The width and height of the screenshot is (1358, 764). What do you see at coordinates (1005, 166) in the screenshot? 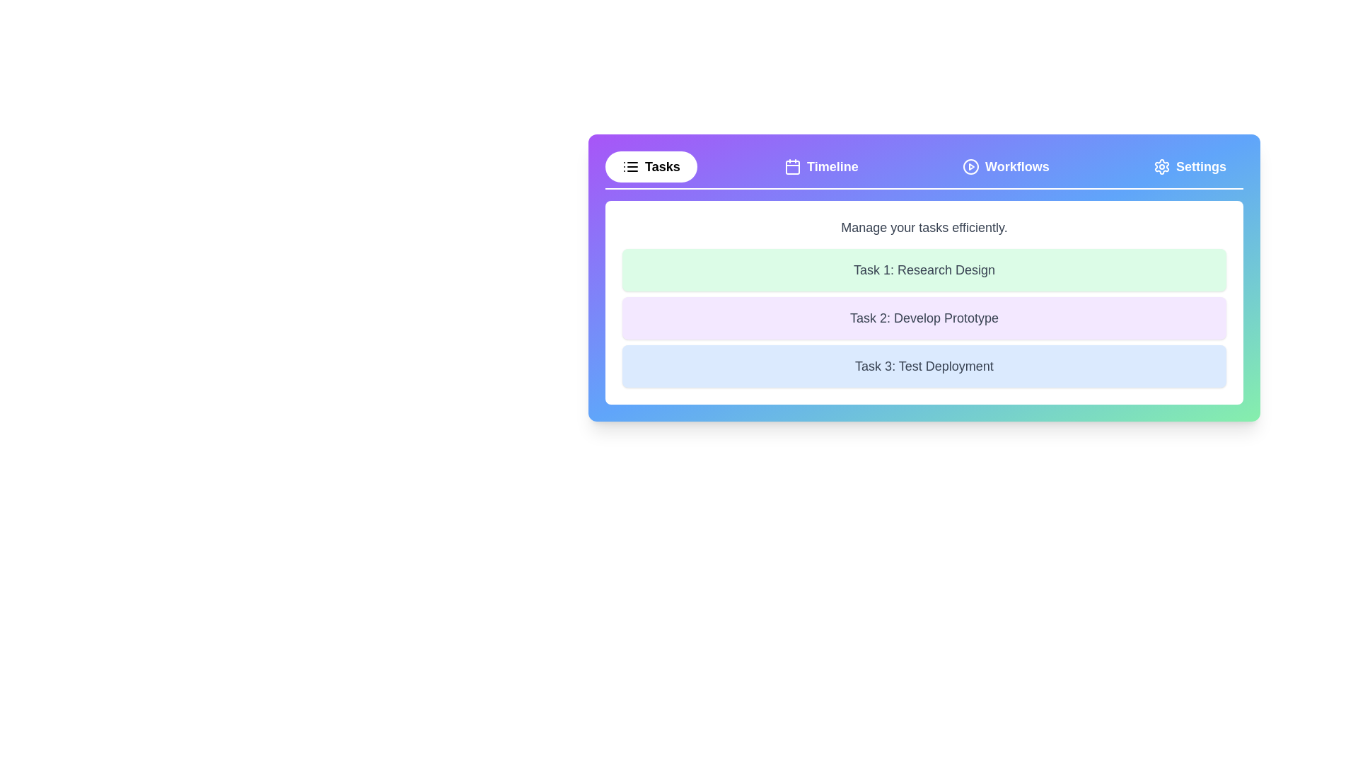
I see `the button labeled Workflows to observe its hover effect` at bounding box center [1005, 166].